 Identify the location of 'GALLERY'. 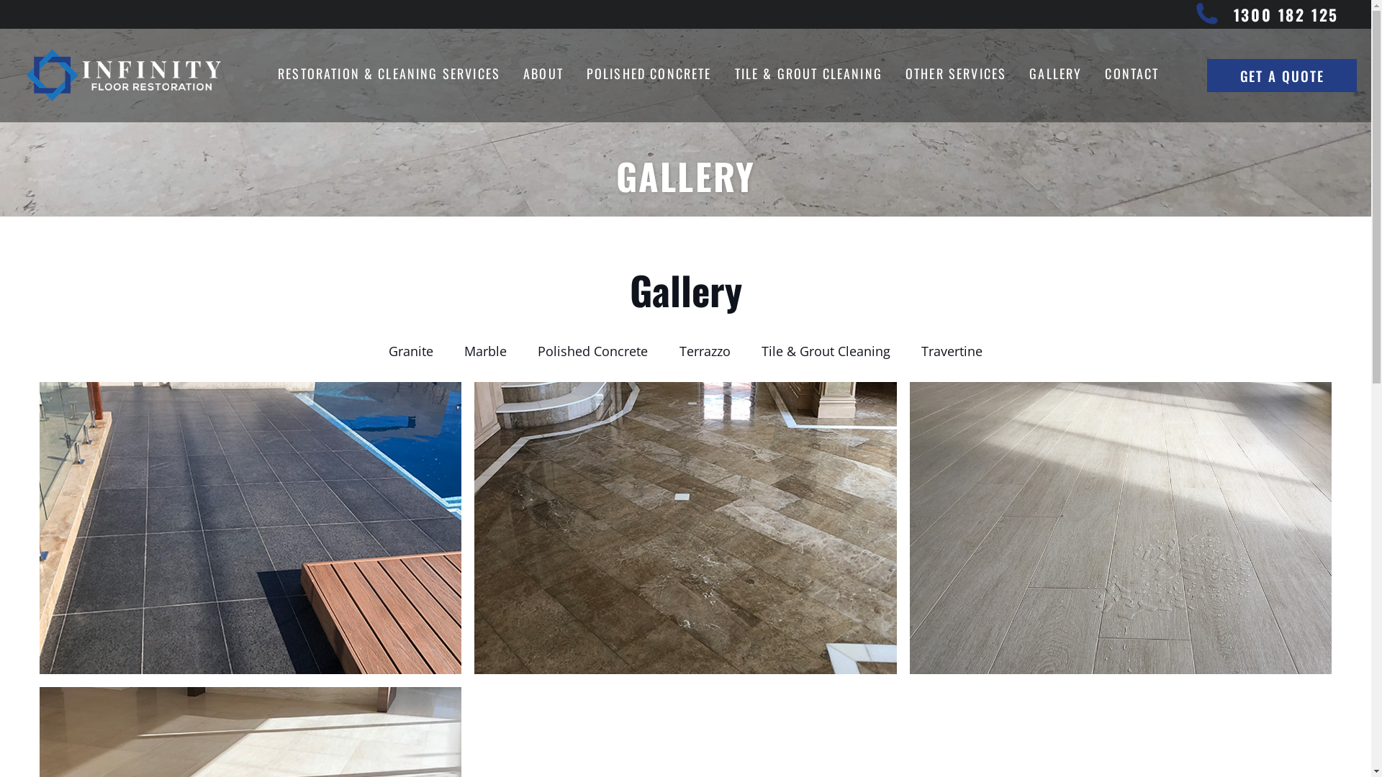
(1055, 75).